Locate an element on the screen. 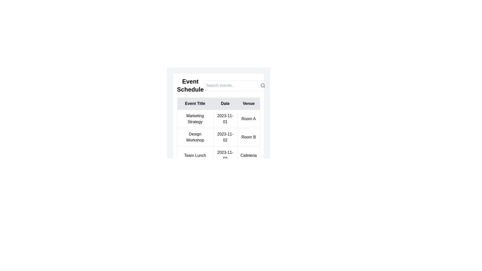 This screenshot has width=482, height=271. the table cell in the second row and second column that displays the date for the 'Design Workshop' event, located within the 'Event Schedule' card is located at coordinates (218, 131).